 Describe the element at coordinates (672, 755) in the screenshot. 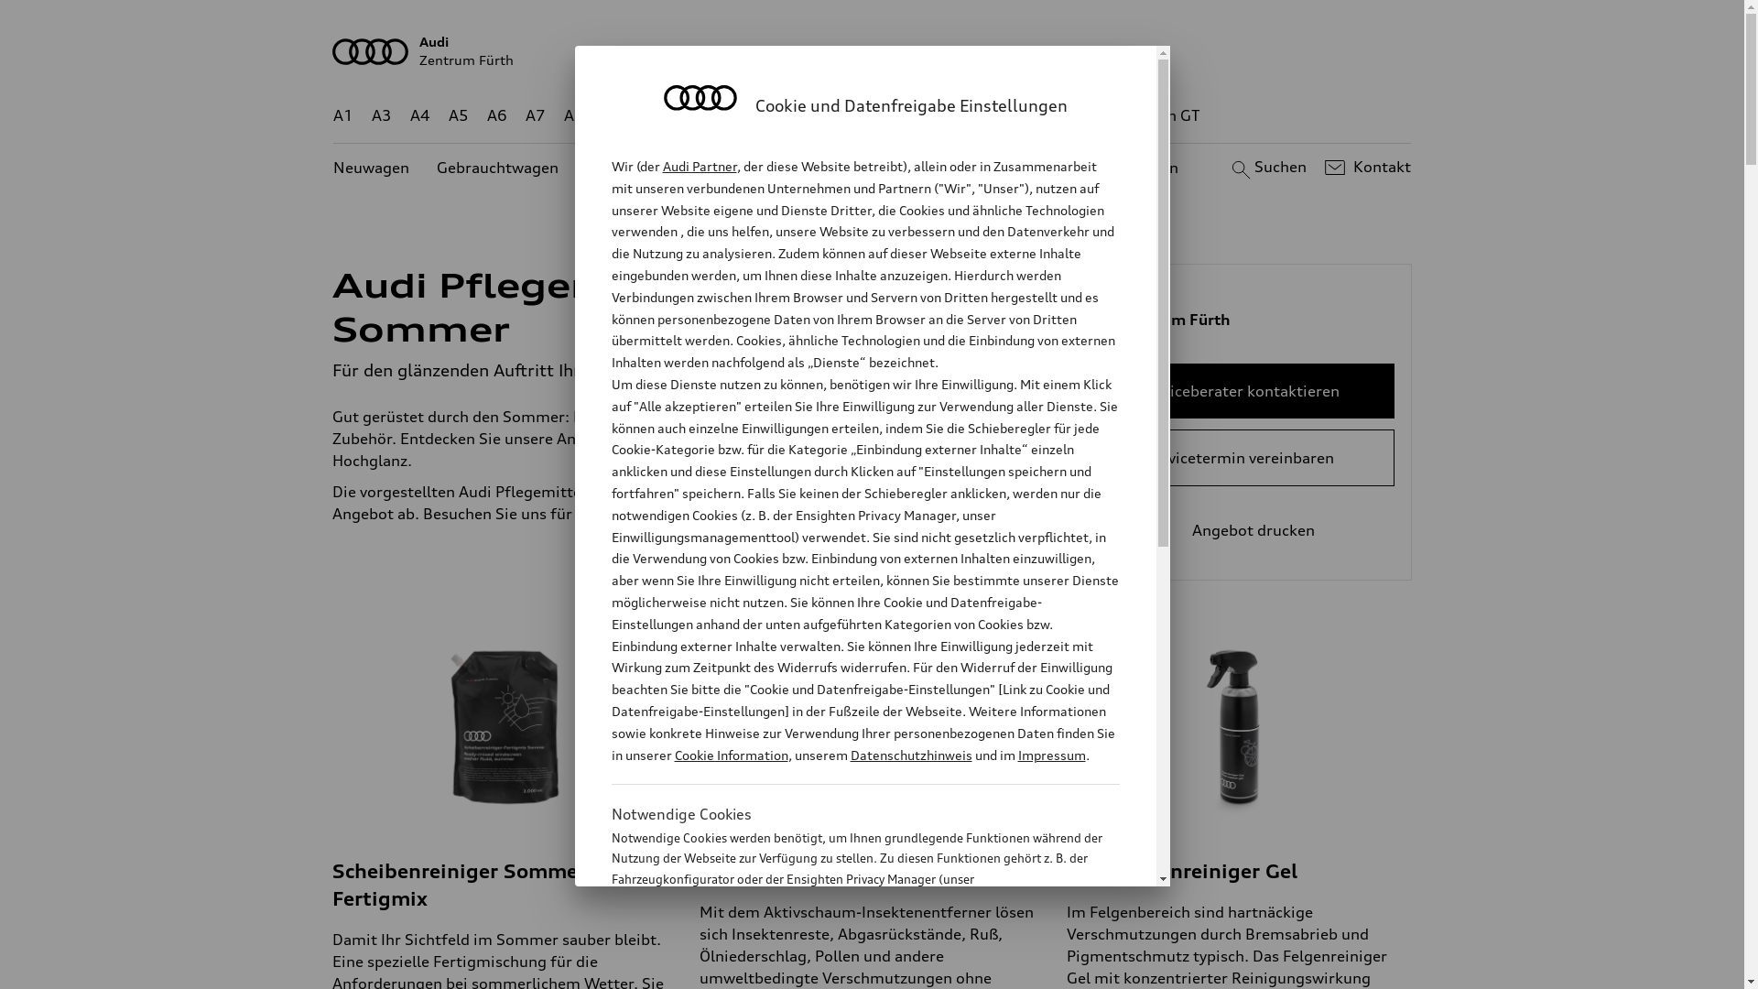

I see `'Cookie Information'` at that location.